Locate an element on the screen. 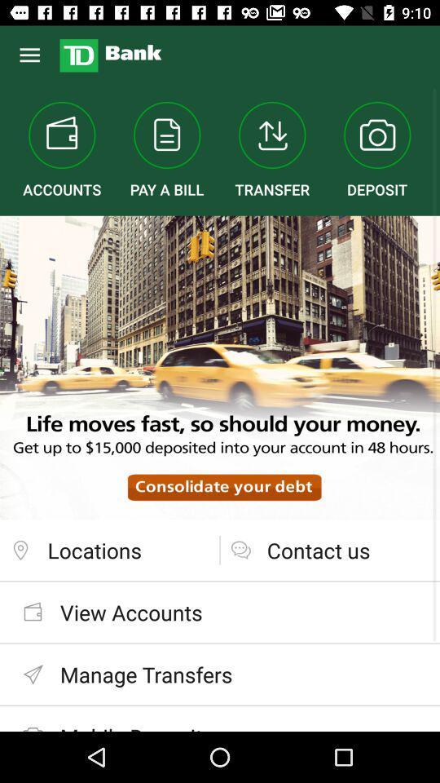 The image size is (440, 783). locations at the bottom left corner is located at coordinates (109, 550).